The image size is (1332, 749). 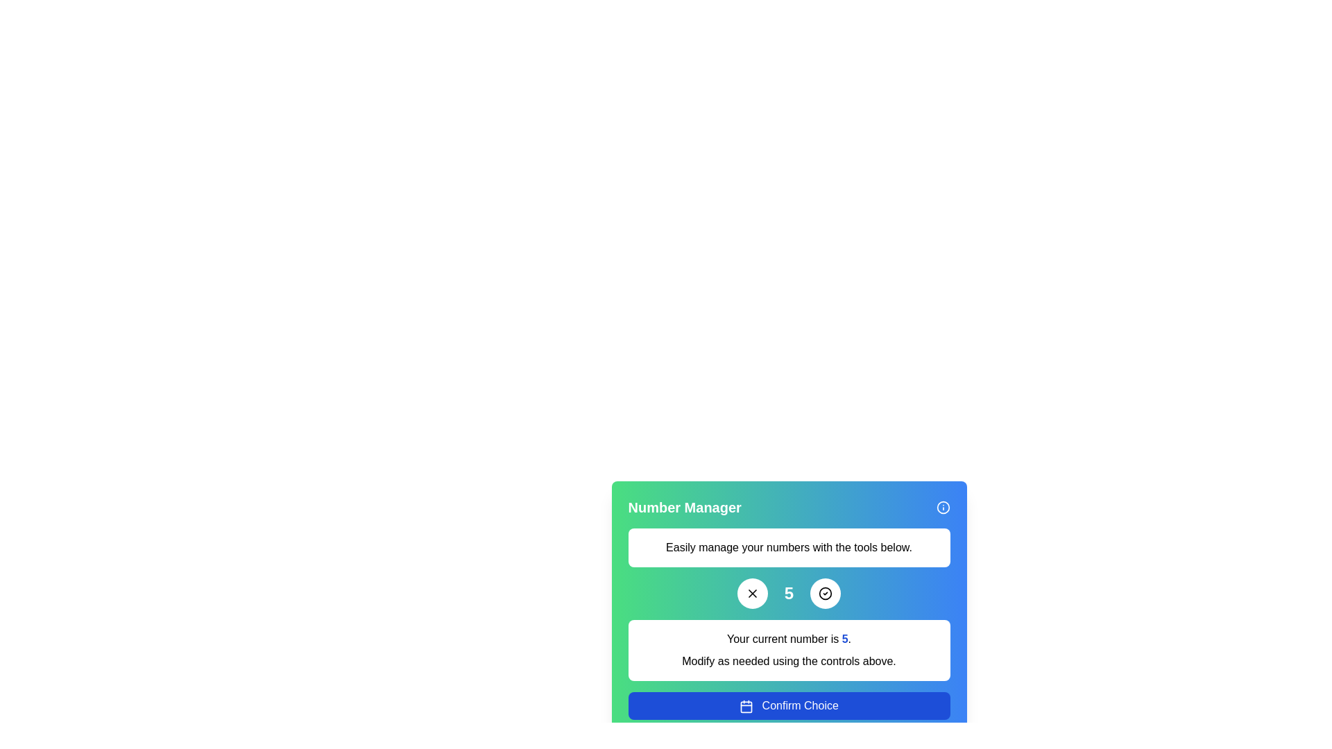 What do you see at coordinates (789, 639) in the screenshot?
I see `text label displaying the current value selected by the user, which is located near the middle-bottom part of the interface above the instruction text 'Modify as needed using the controls above.'` at bounding box center [789, 639].